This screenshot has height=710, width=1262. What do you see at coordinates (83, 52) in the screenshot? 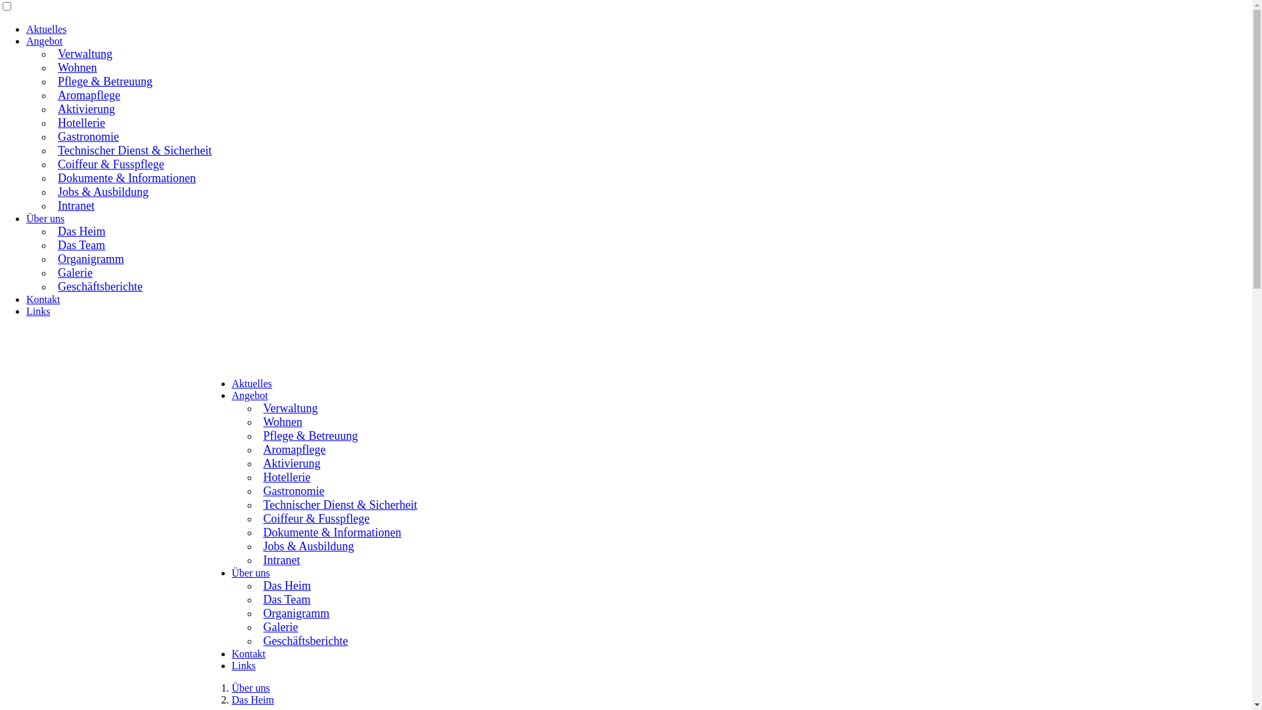
I see `'Verwaltung'` at bounding box center [83, 52].